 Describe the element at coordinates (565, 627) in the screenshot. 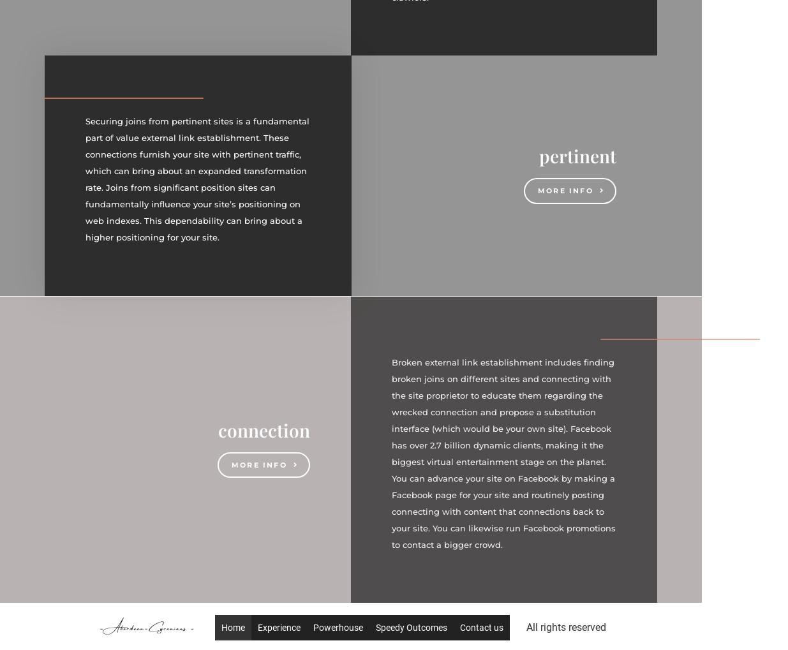

I see `'All rights reserved'` at that location.